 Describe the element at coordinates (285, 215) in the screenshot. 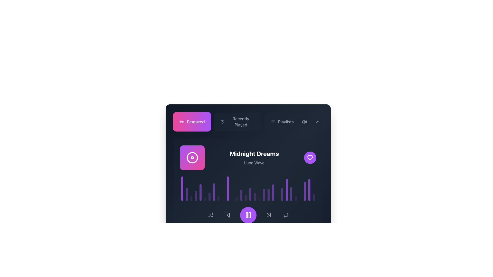

I see `the repeat/replay action button represented by two arrows forming a cycle, located in the bottom control bar` at that location.